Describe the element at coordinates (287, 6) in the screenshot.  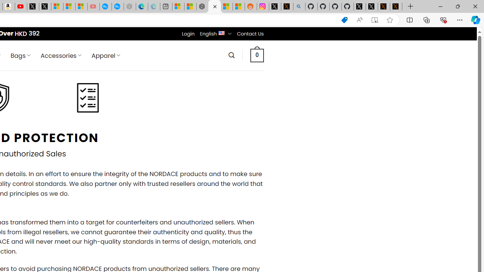
I see `'help.x.com | 524: A timeout occurred'` at that location.